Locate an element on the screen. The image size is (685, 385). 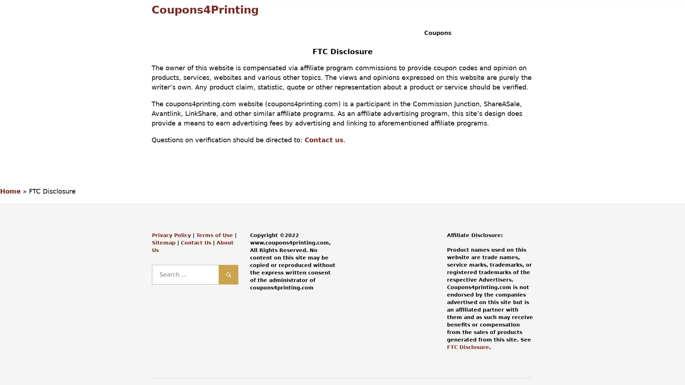
Search is located at coordinates (228, 274).